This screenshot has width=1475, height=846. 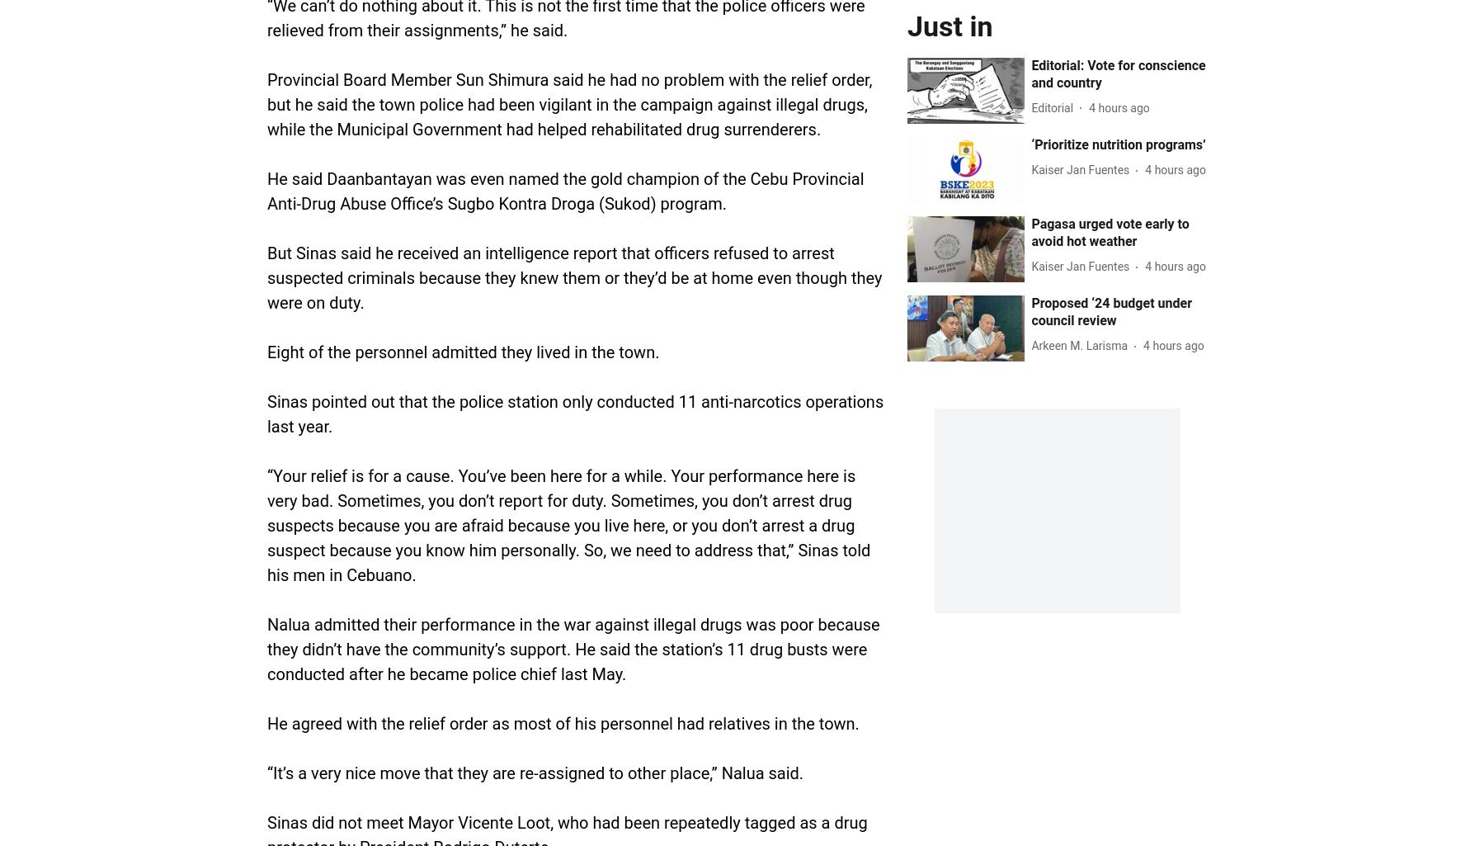 What do you see at coordinates (1118, 143) in the screenshot?
I see `'‘Prioritize nutrition programs’'` at bounding box center [1118, 143].